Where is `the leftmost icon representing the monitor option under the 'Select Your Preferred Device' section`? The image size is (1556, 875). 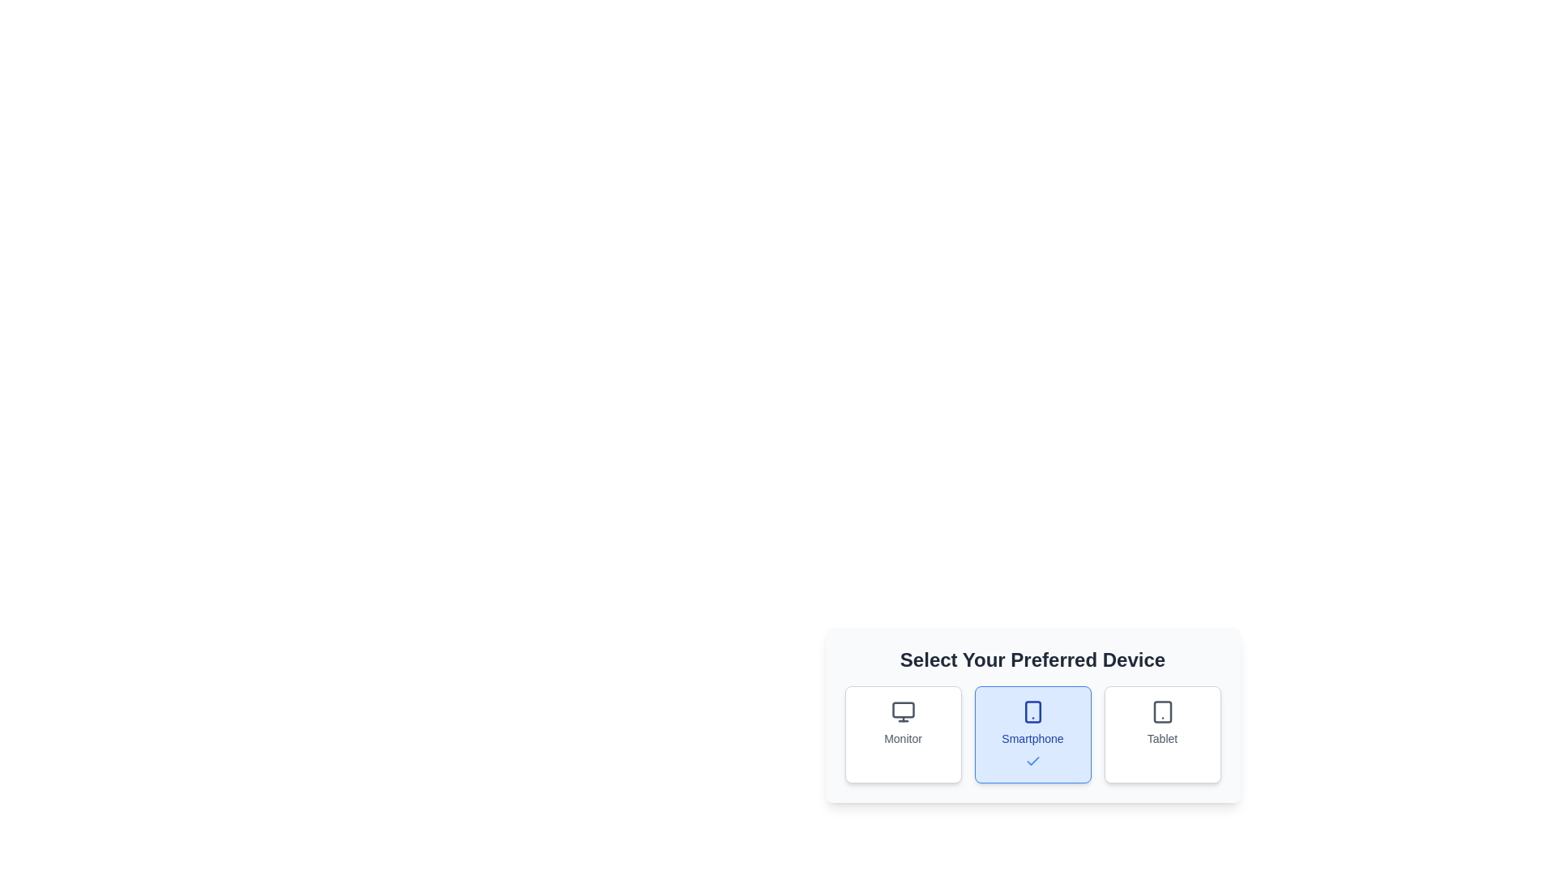
the leftmost icon representing the monitor option under the 'Select Your Preferred Device' section is located at coordinates (902, 711).